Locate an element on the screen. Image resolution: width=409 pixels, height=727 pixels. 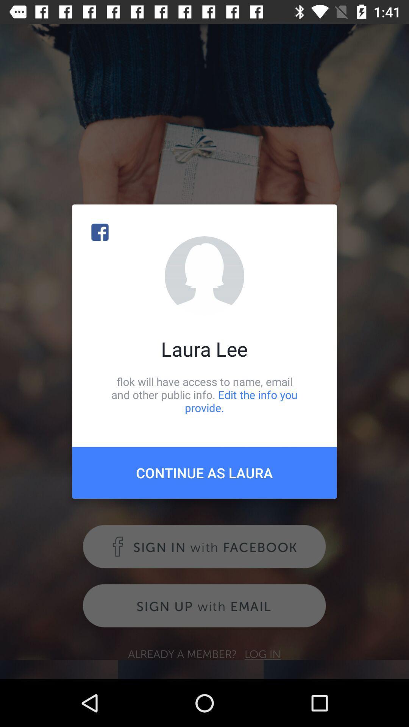
the continue as laura is located at coordinates (204, 472).